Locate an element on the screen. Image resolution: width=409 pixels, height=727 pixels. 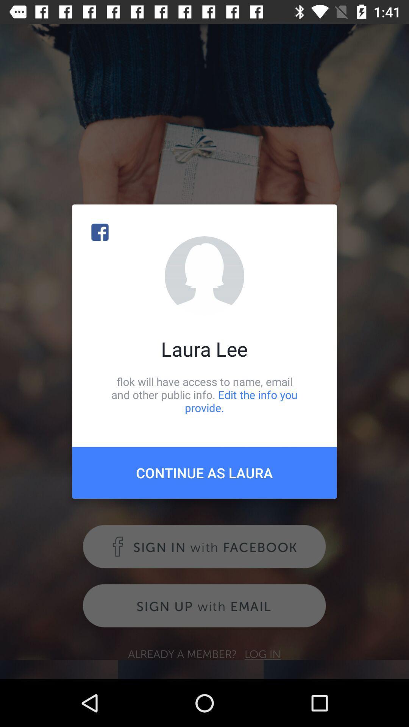
the continue as laura is located at coordinates (204, 472).